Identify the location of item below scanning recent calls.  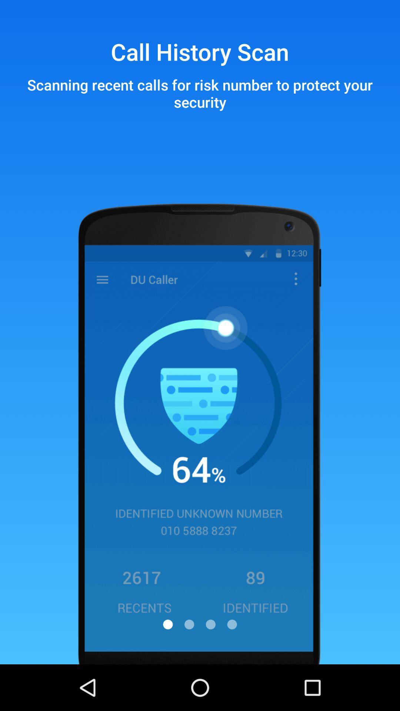
(231, 624).